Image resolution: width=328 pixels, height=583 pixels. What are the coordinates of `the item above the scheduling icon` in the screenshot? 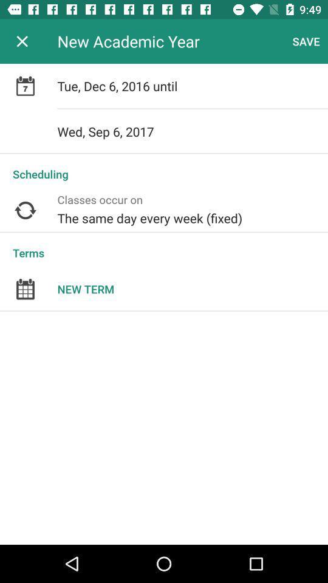 It's located at (193, 131).